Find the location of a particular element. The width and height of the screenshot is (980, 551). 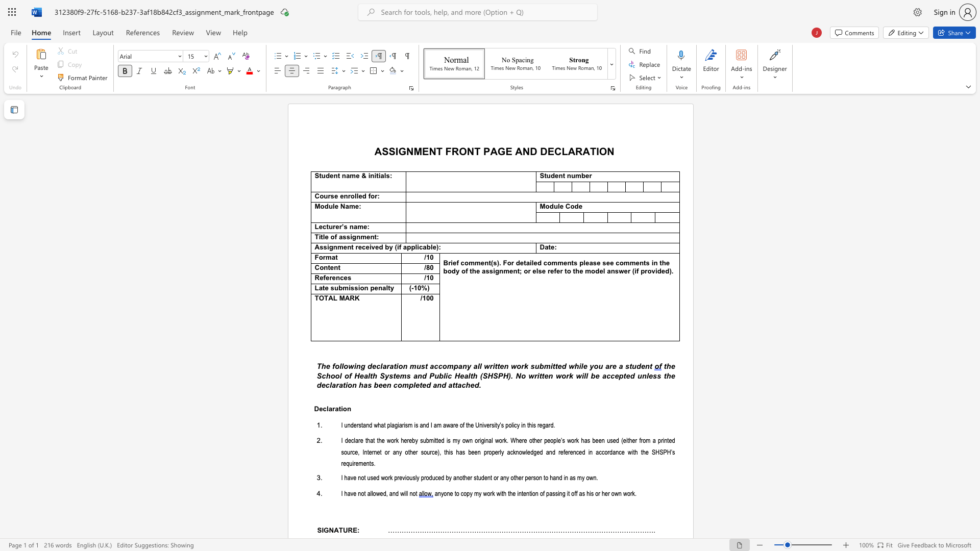

the subset text "ATIO" within the text "AND DECLARATION" is located at coordinates (582, 151).